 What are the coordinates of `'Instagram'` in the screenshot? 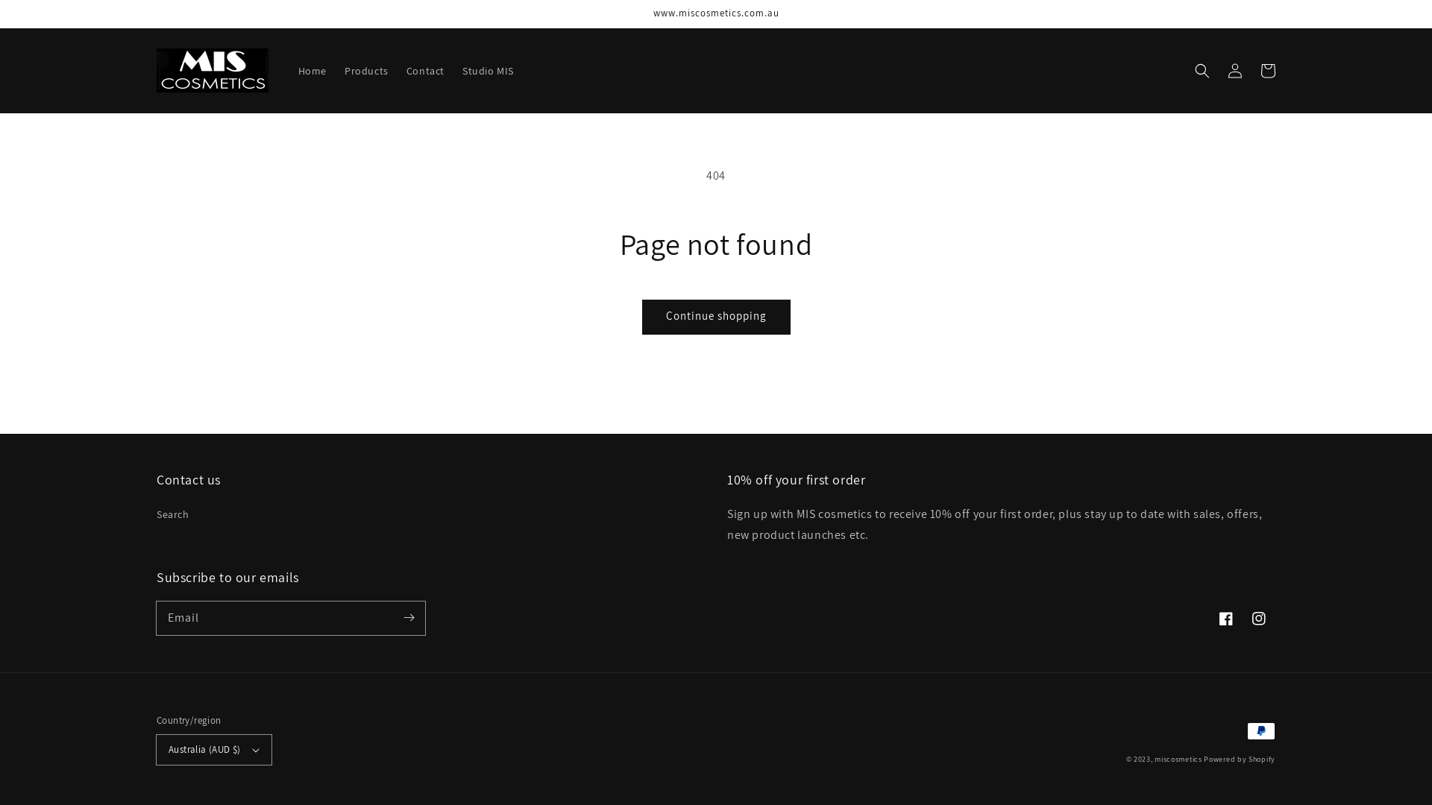 It's located at (1258, 618).